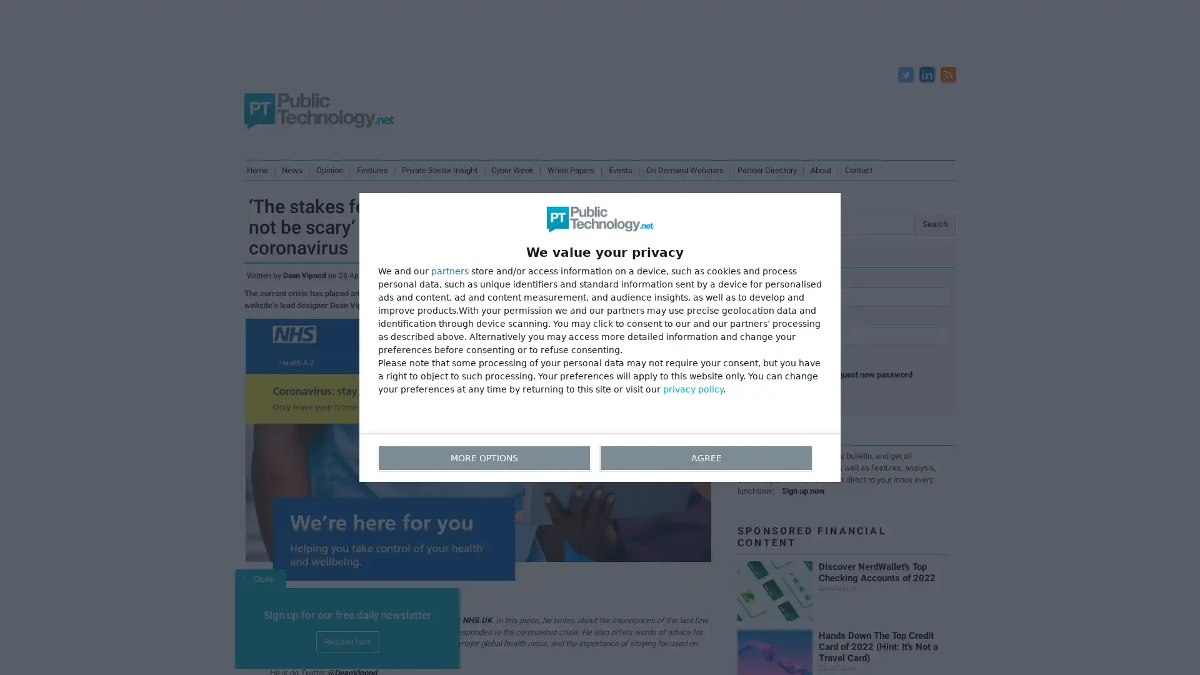  Describe the element at coordinates (706, 457) in the screenshot. I see `AGREE` at that location.